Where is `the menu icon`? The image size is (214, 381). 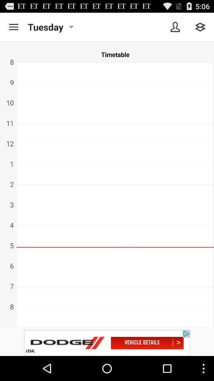
the menu icon is located at coordinates (13, 29).